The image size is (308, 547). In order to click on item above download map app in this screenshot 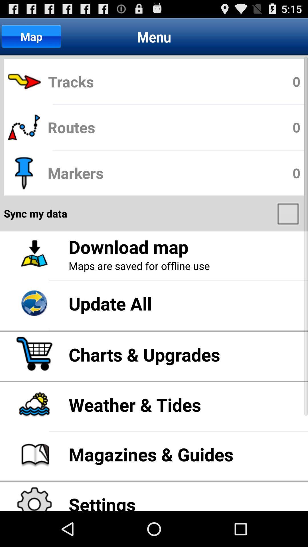, I will do `click(289, 213)`.